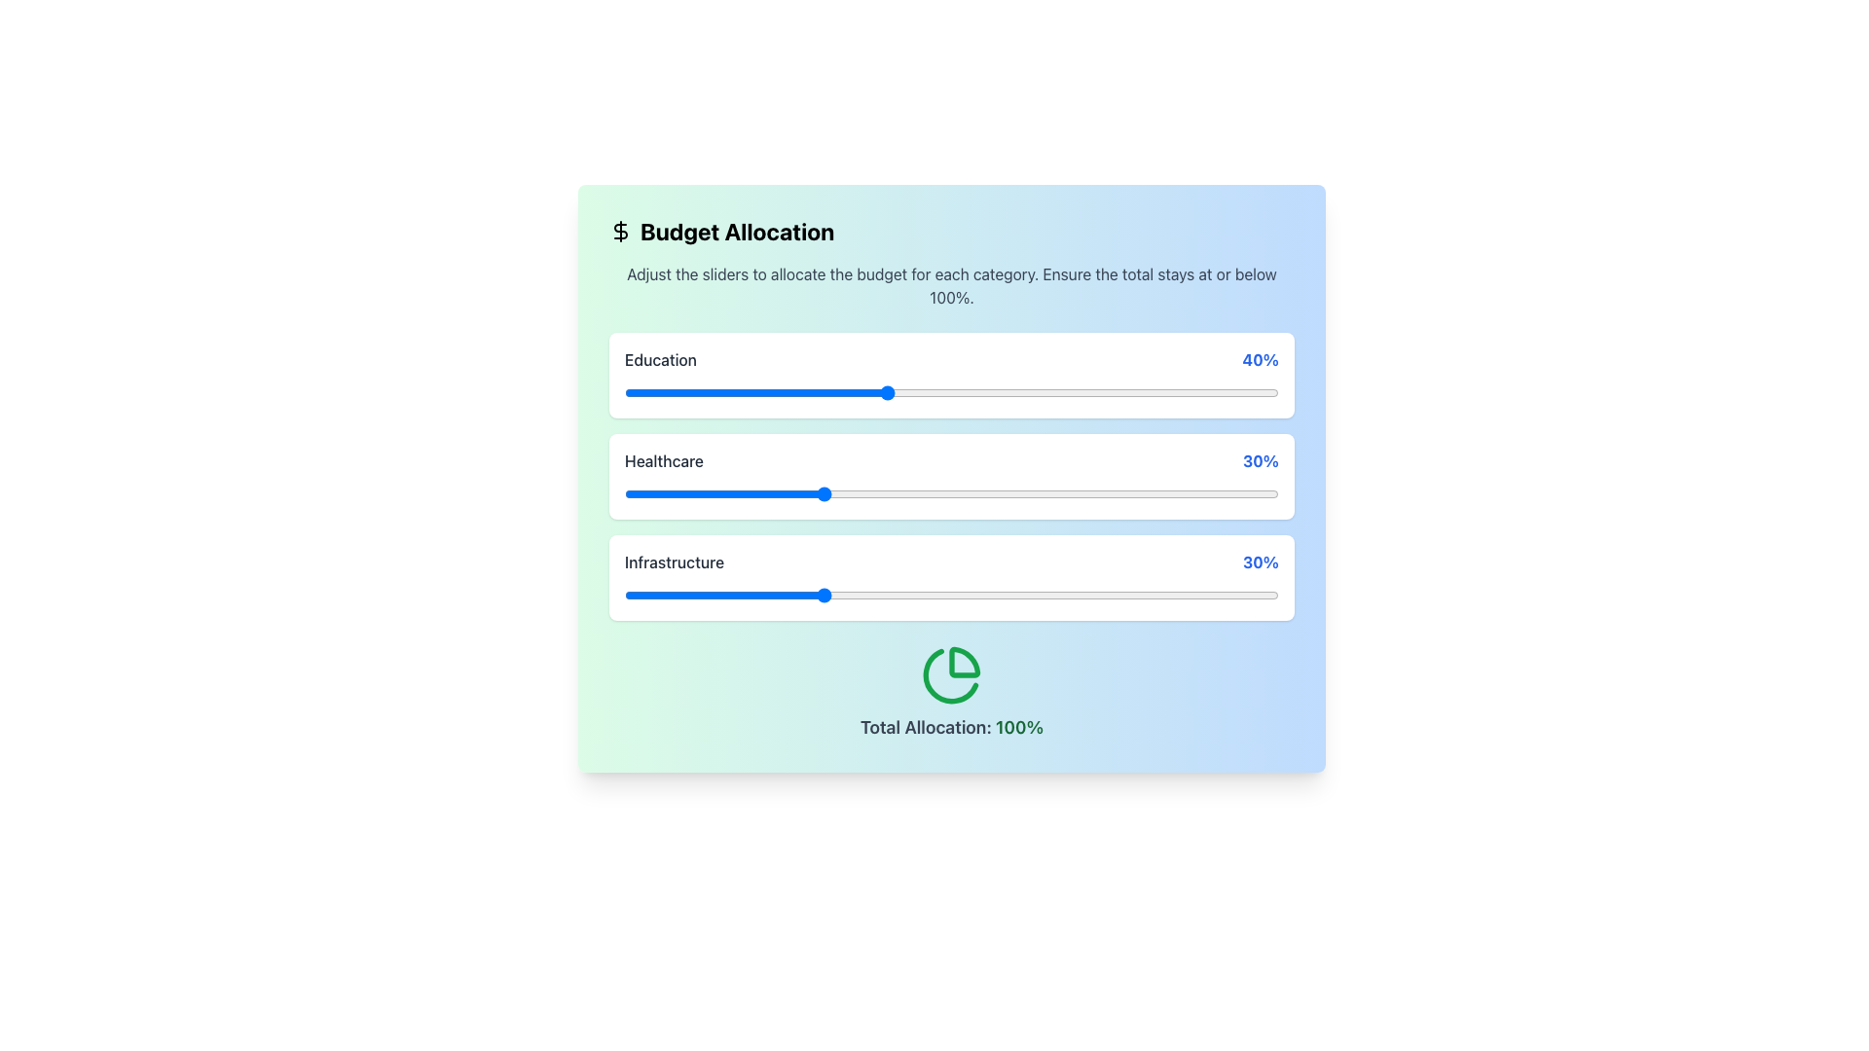 Image resolution: width=1869 pixels, height=1051 pixels. Describe the element at coordinates (898, 493) in the screenshot. I see `healthcare budget allocation` at that location.